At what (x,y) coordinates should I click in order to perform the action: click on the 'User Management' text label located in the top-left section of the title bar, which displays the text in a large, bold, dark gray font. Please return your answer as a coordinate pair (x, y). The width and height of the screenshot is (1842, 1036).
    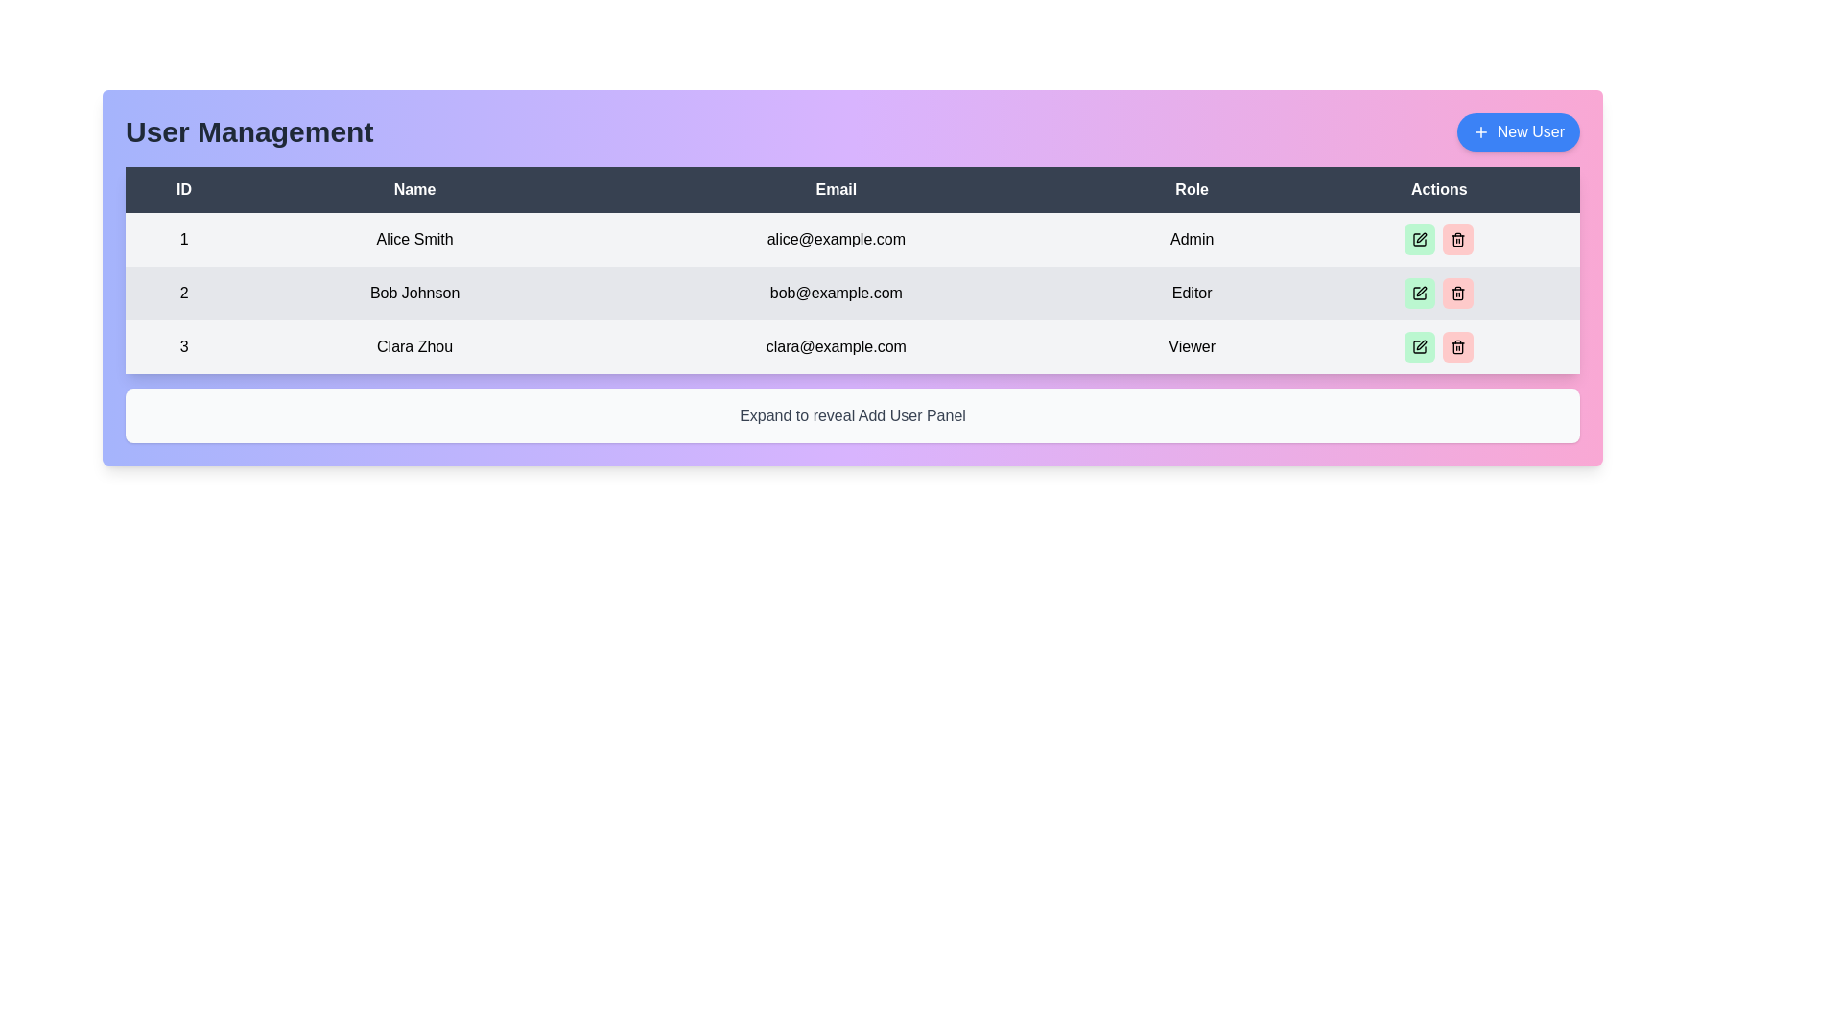
    Looking at the image, I should click on (248, 131).